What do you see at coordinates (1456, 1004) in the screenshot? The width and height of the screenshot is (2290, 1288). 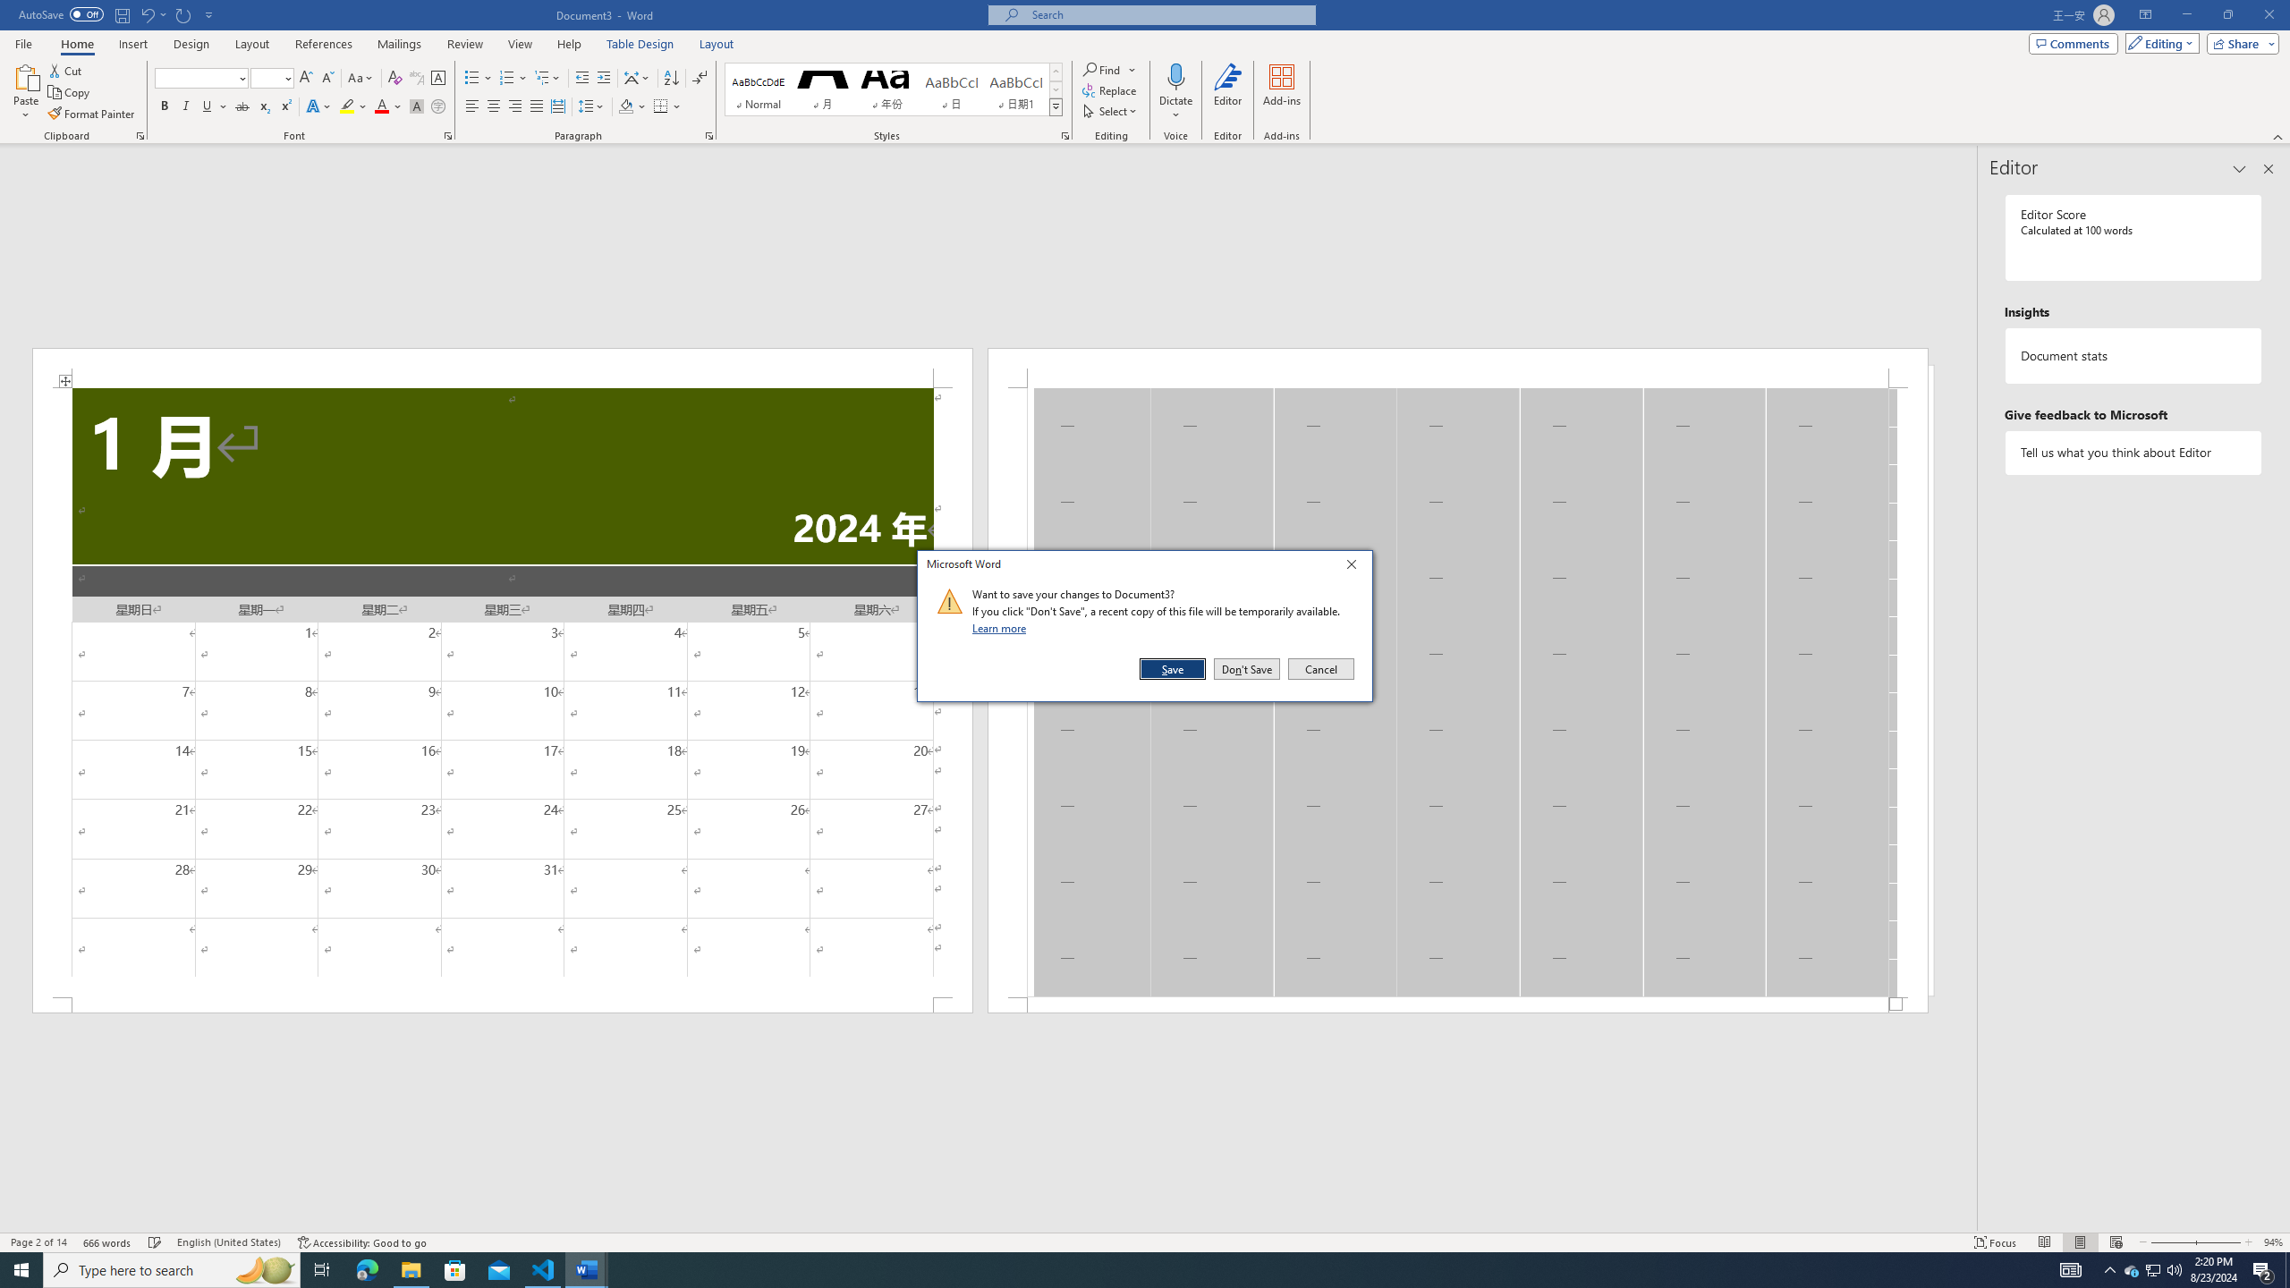 I see `'Footer -Section 1-'` at bounding box center [1456, 1004].